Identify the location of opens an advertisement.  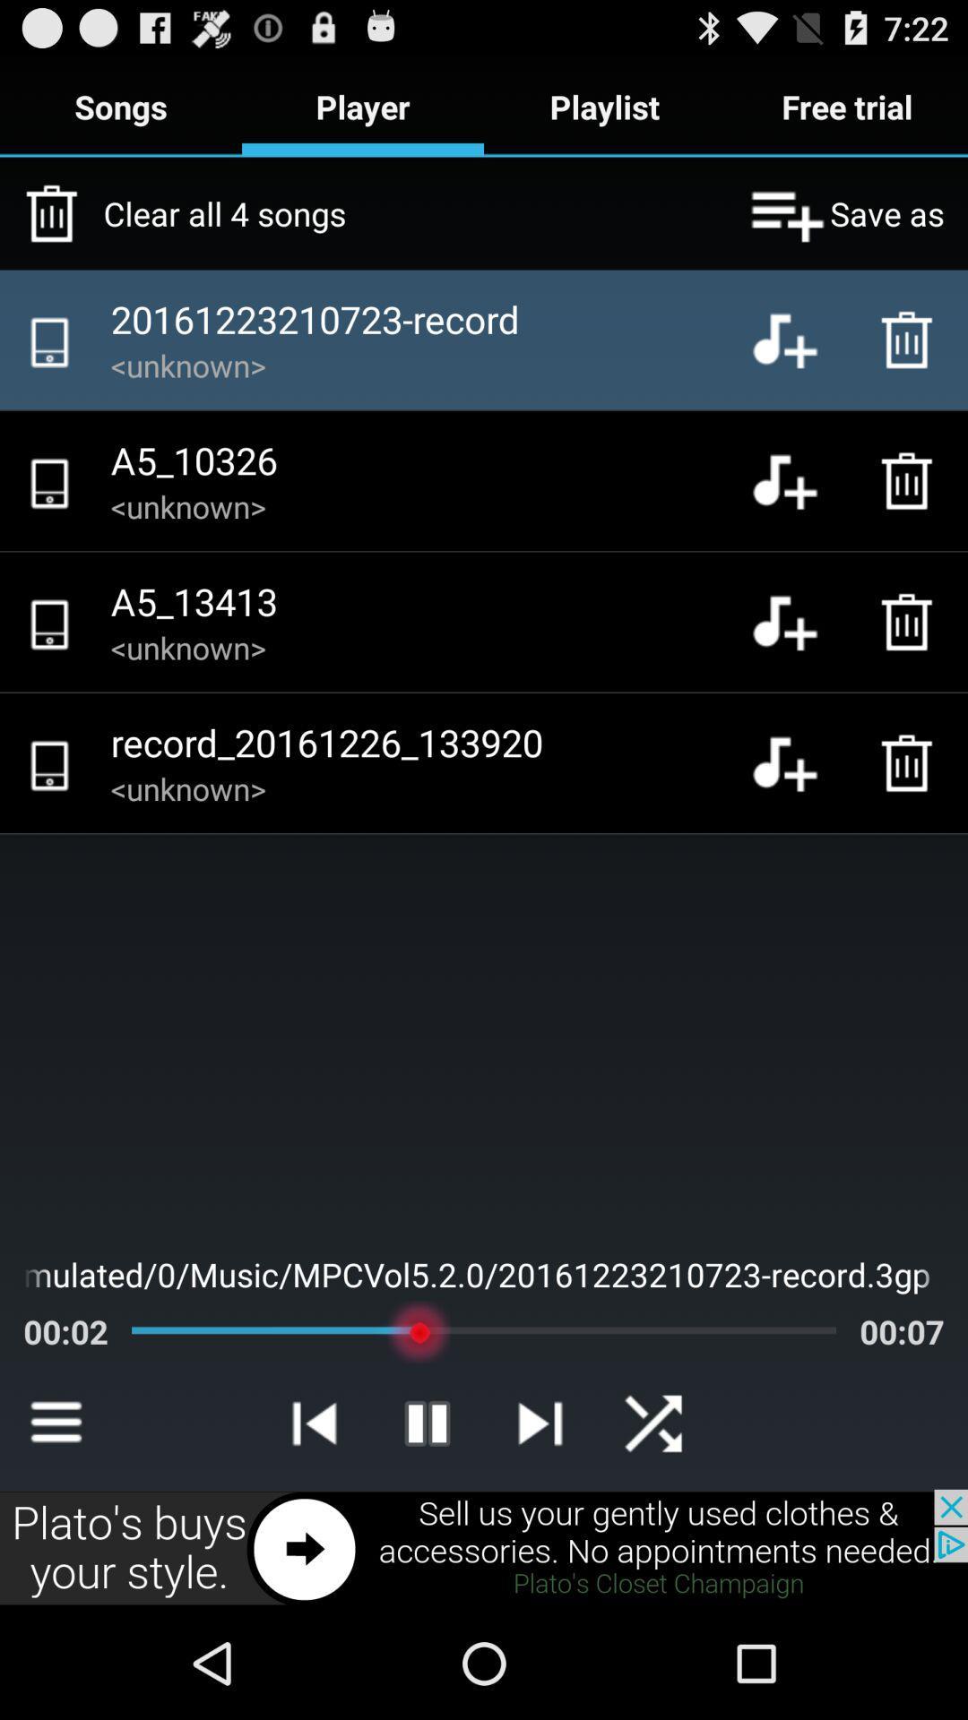
(484, 1547).